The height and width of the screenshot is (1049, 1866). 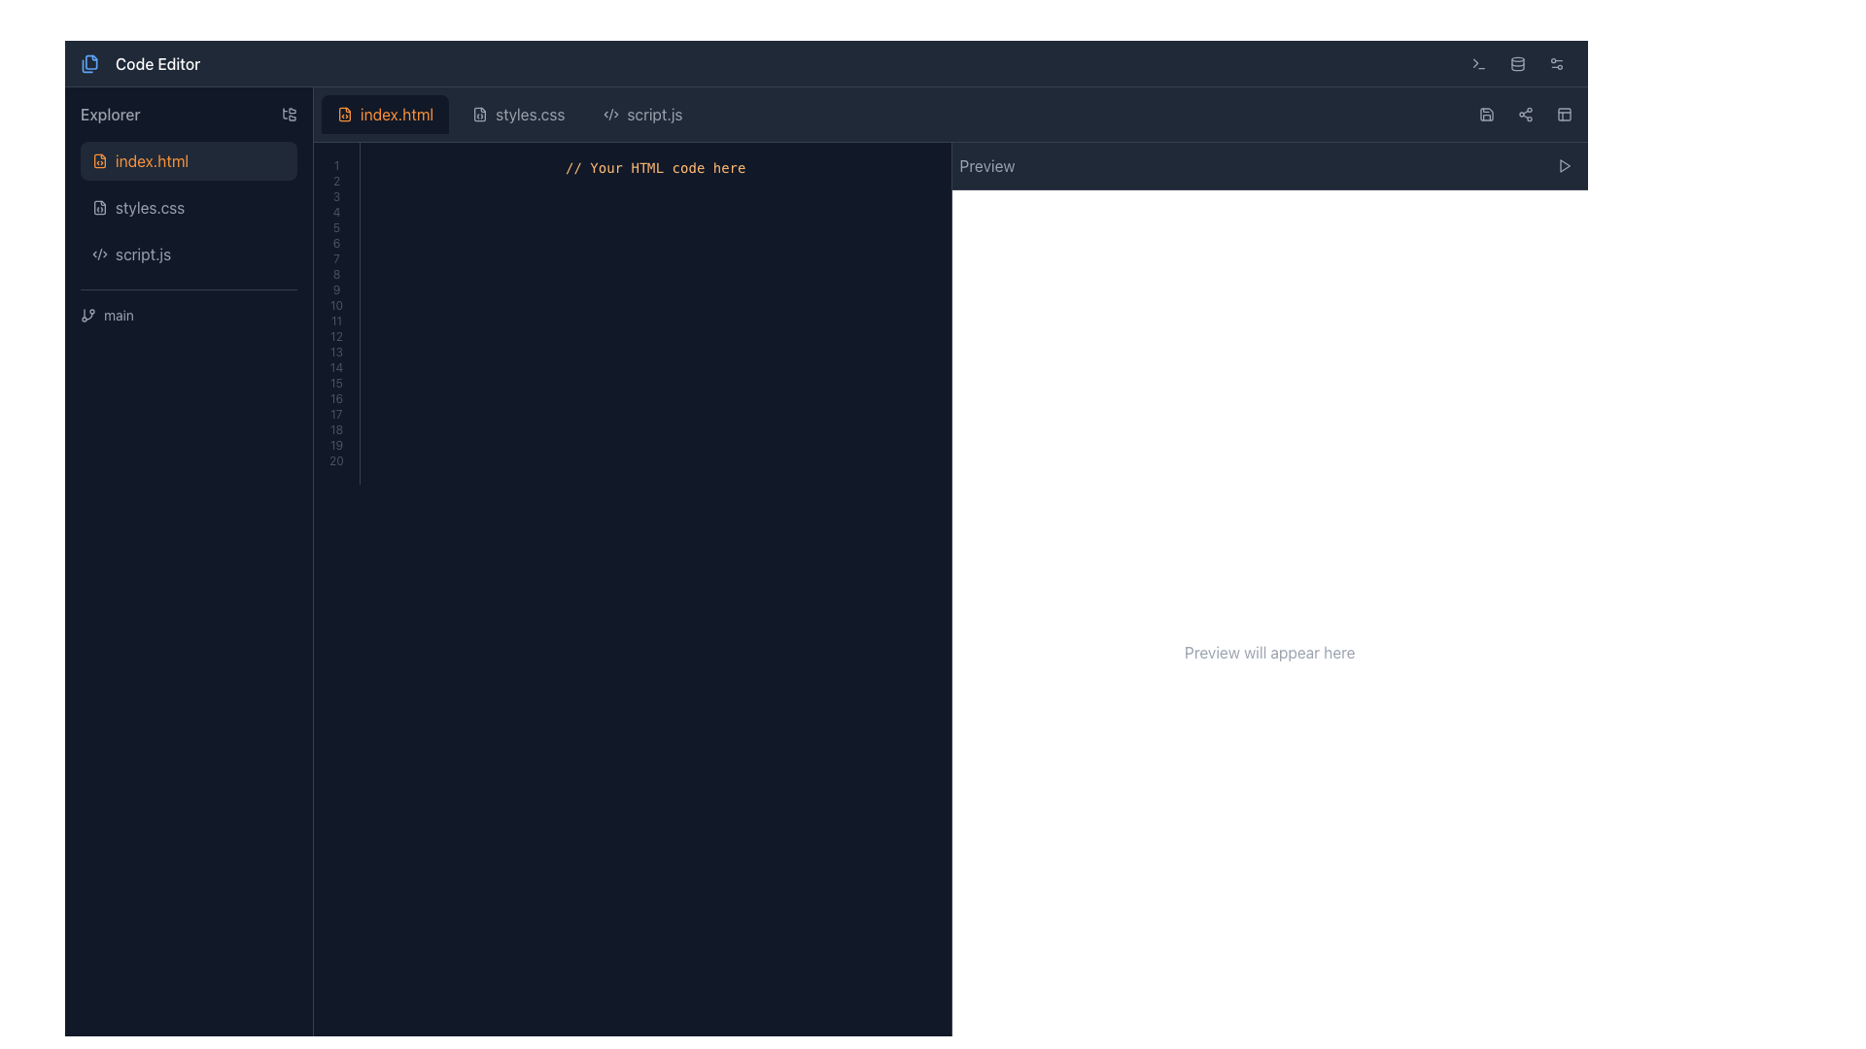 I want to click on the file item button labeled 'styles.css' in the file explorer interface, so click(x=189, y=207).